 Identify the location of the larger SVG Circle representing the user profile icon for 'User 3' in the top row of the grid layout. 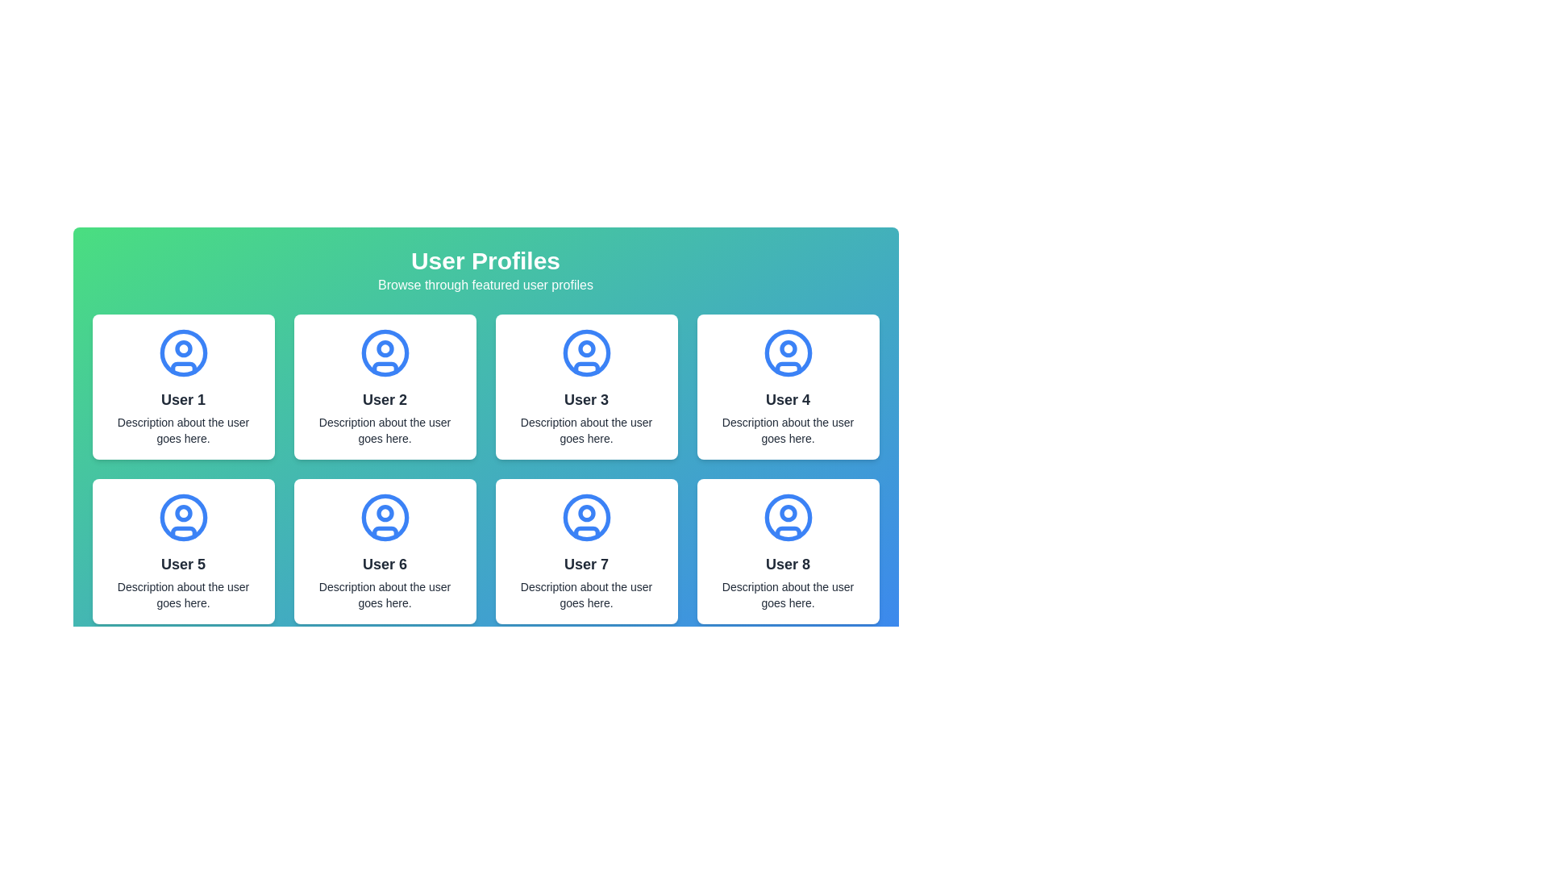
(585, 352).